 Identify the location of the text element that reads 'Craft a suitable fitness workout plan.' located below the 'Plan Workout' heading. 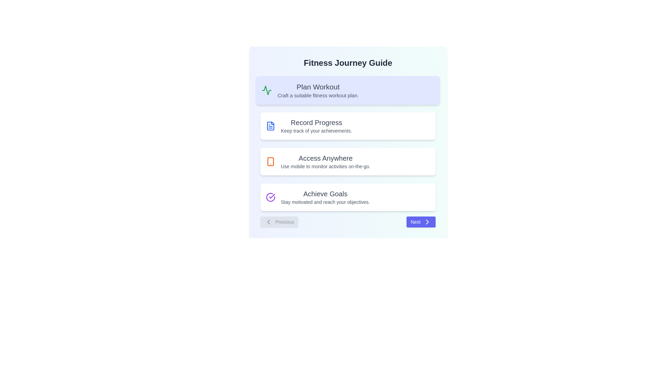
(318, 95).